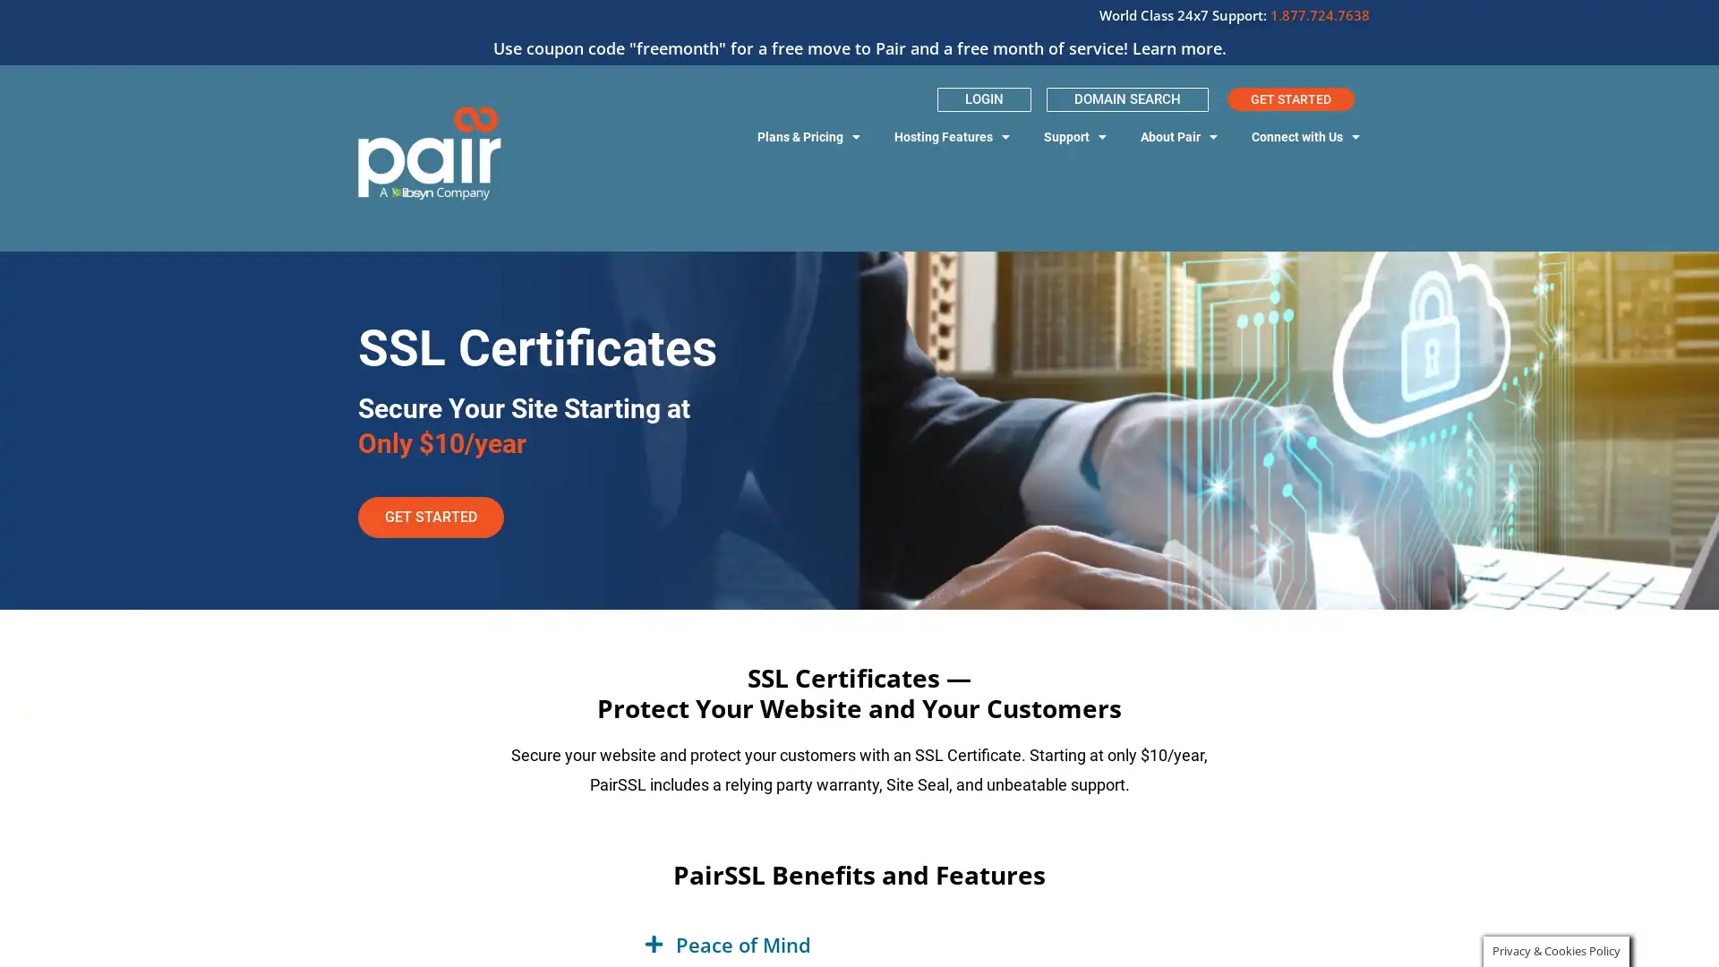 Image resolution: width=1719 pixels, height=967 pixels. Describe the element at coordinates (1290, 99) in the screenshot. I see `GET STARTED` at that location.